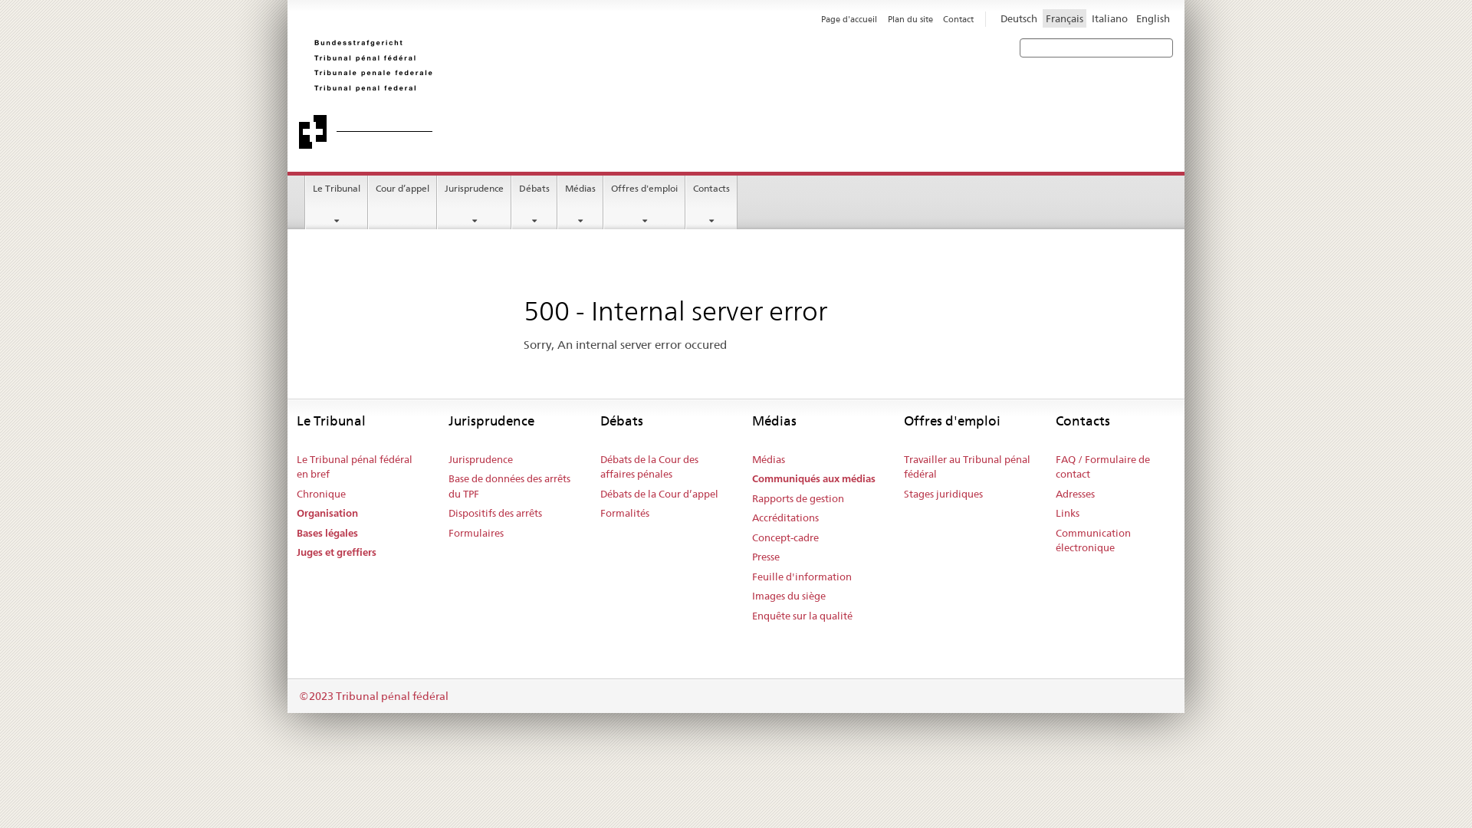 This screenshot has width=1472, height=828. I want to click on 'Organisation', so click(327, 514).